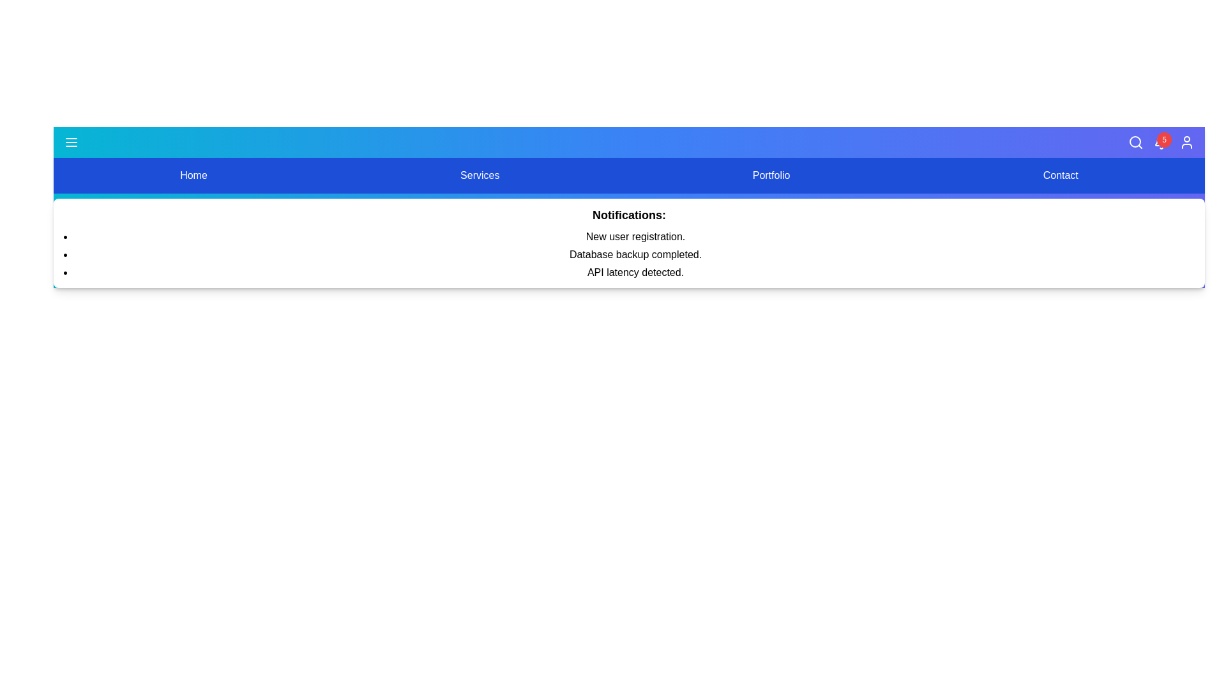 Image resolution: width=1226 pixels, height=690 pixels. I want to click on the search icon to initiate a search action, so click(1136, 142).